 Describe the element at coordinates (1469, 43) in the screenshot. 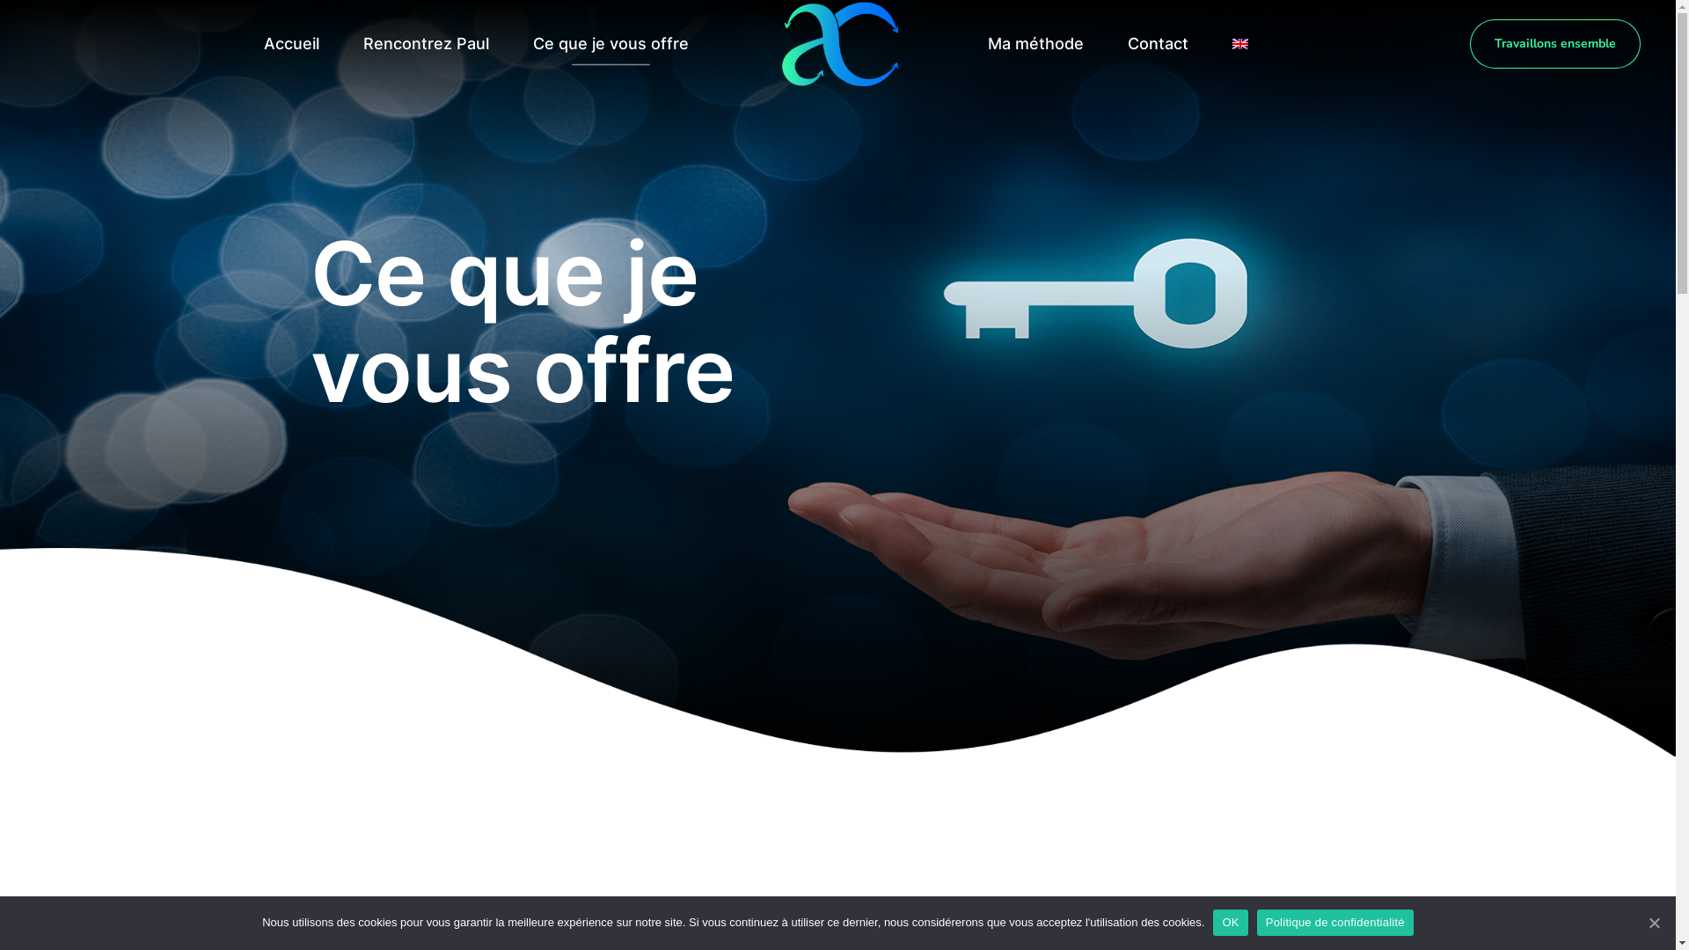

I see `'Travaillons ensemble'` at that location.